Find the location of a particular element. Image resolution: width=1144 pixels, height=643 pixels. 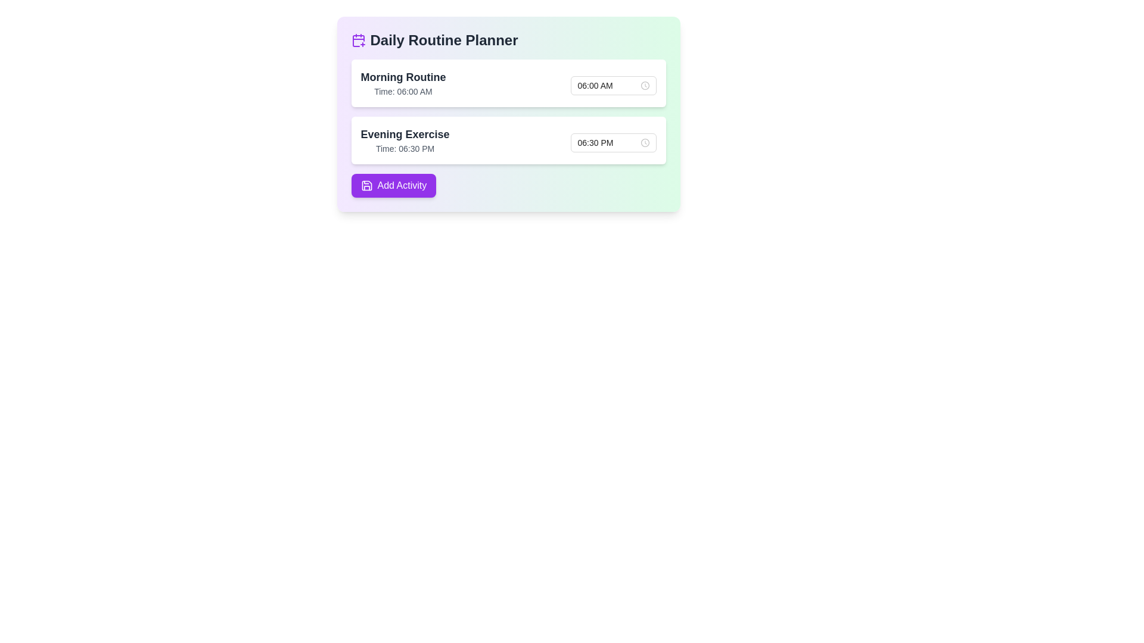

the first icon within the 'Add Activity' button located in the bottom left of the card-like interface to trigger the tooltip or visual effect is located at coordinates (366, 186).